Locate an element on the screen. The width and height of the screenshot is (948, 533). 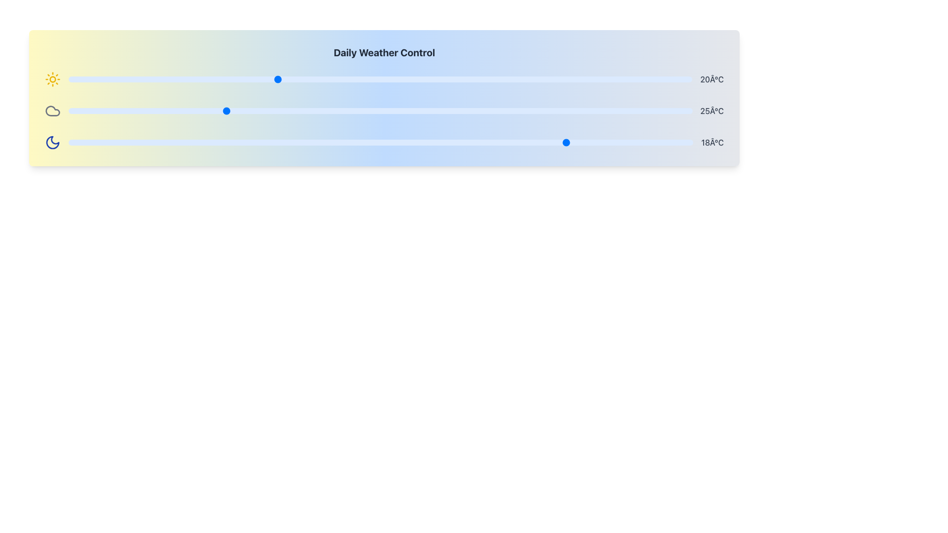
the slider value is located at coordinates (286, 111).